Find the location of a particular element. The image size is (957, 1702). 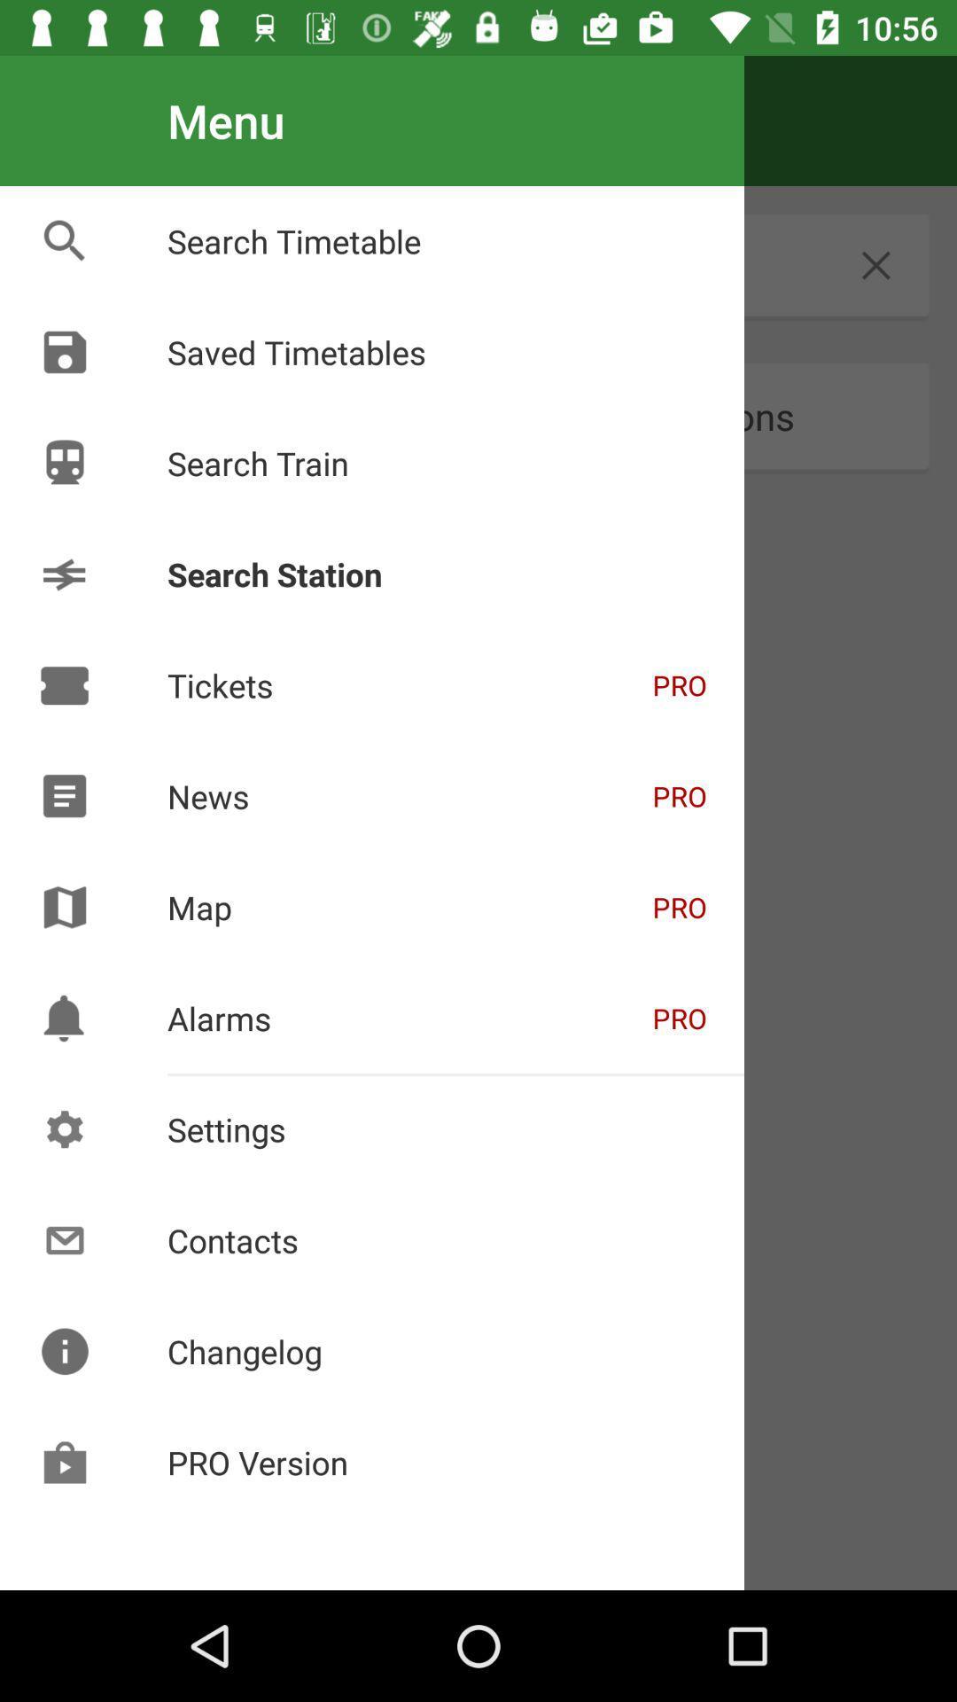

the close icon is located at coordinates (875, 264).